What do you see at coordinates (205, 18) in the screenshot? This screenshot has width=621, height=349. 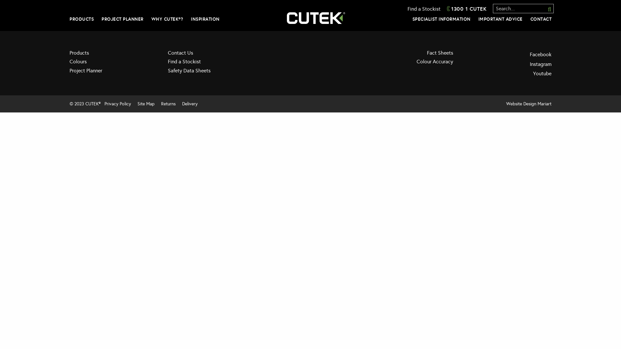 I see `'INSPIRATION'` at bounding box center [205, 18].